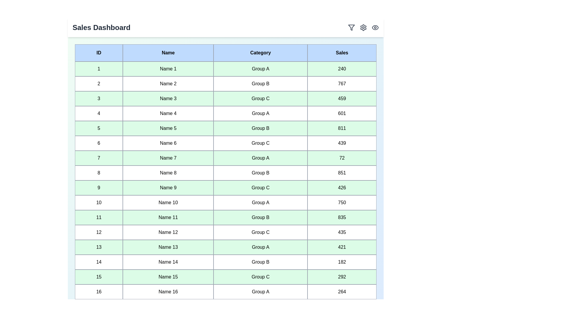 Image resolution: width=571 pixels, height=321 pixels. What do you see at coordinates (342, 52) in the screenshot?
I see `the header of the column Sales to sort the table by that column` at bounding box center [342, 52].